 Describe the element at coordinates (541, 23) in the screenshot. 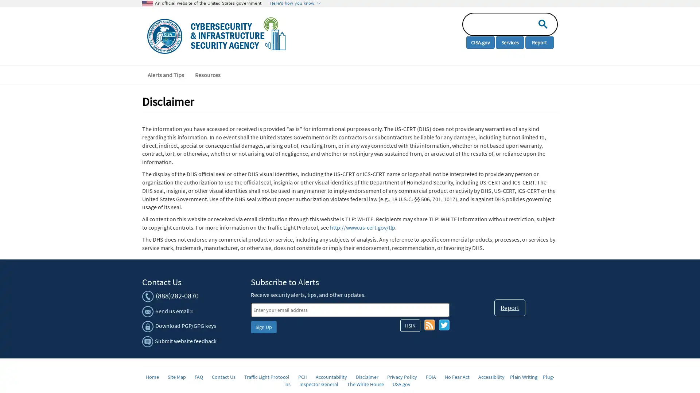

I see `search` at that location.